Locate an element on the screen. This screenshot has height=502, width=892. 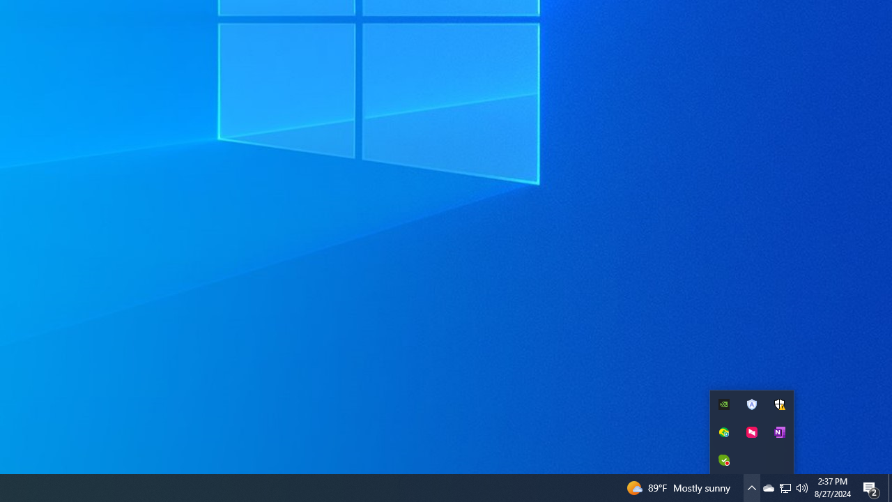
'New quick note' is located at coordinates (779, 431).